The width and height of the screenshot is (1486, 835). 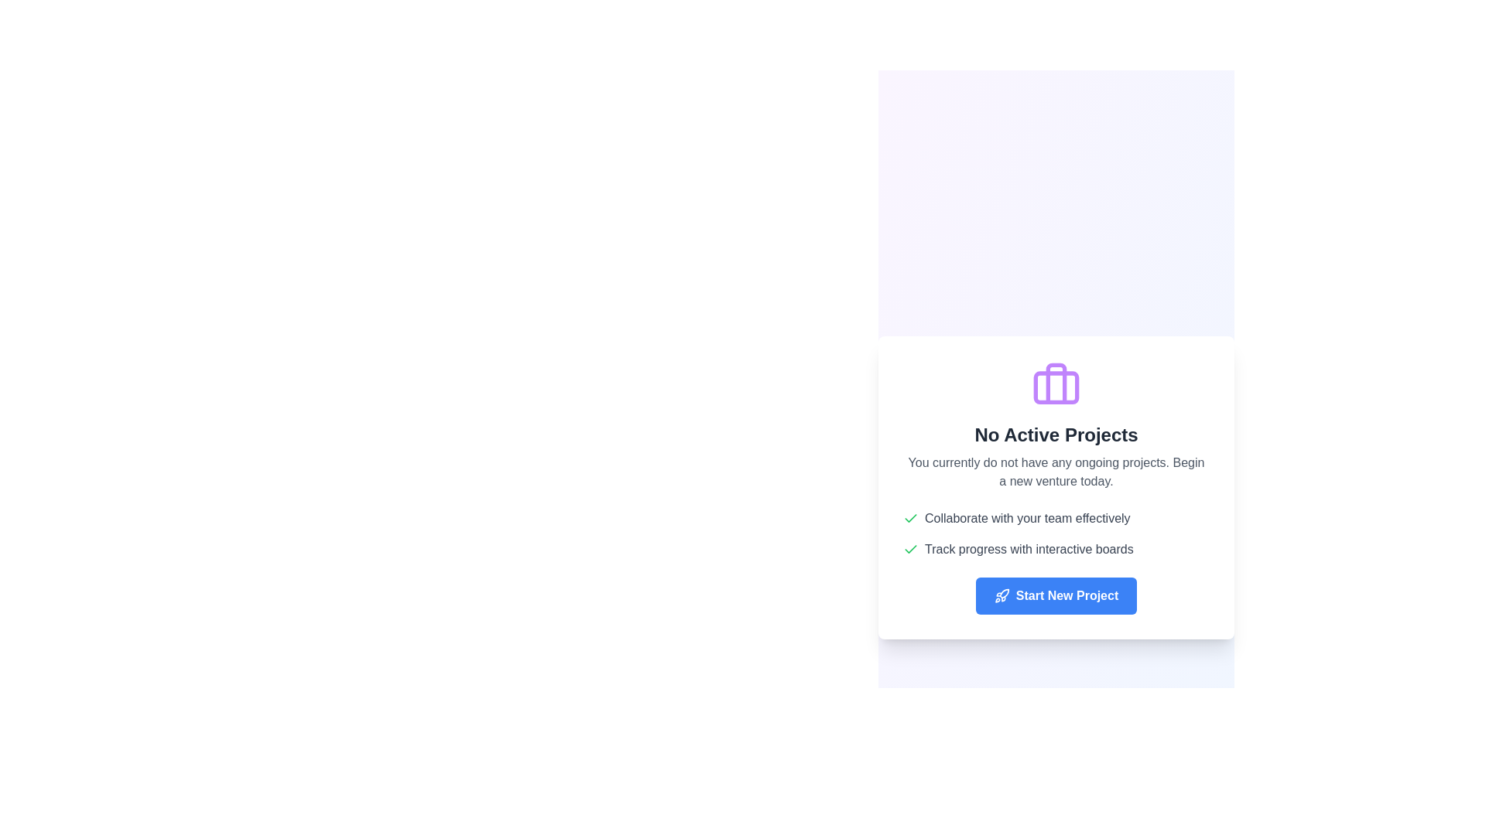 I want to click on header text indicating the absence of active projects, located centrally beneath the purple briefcase icon and above a descriptive paragraph, so click(x=1055, y=435).